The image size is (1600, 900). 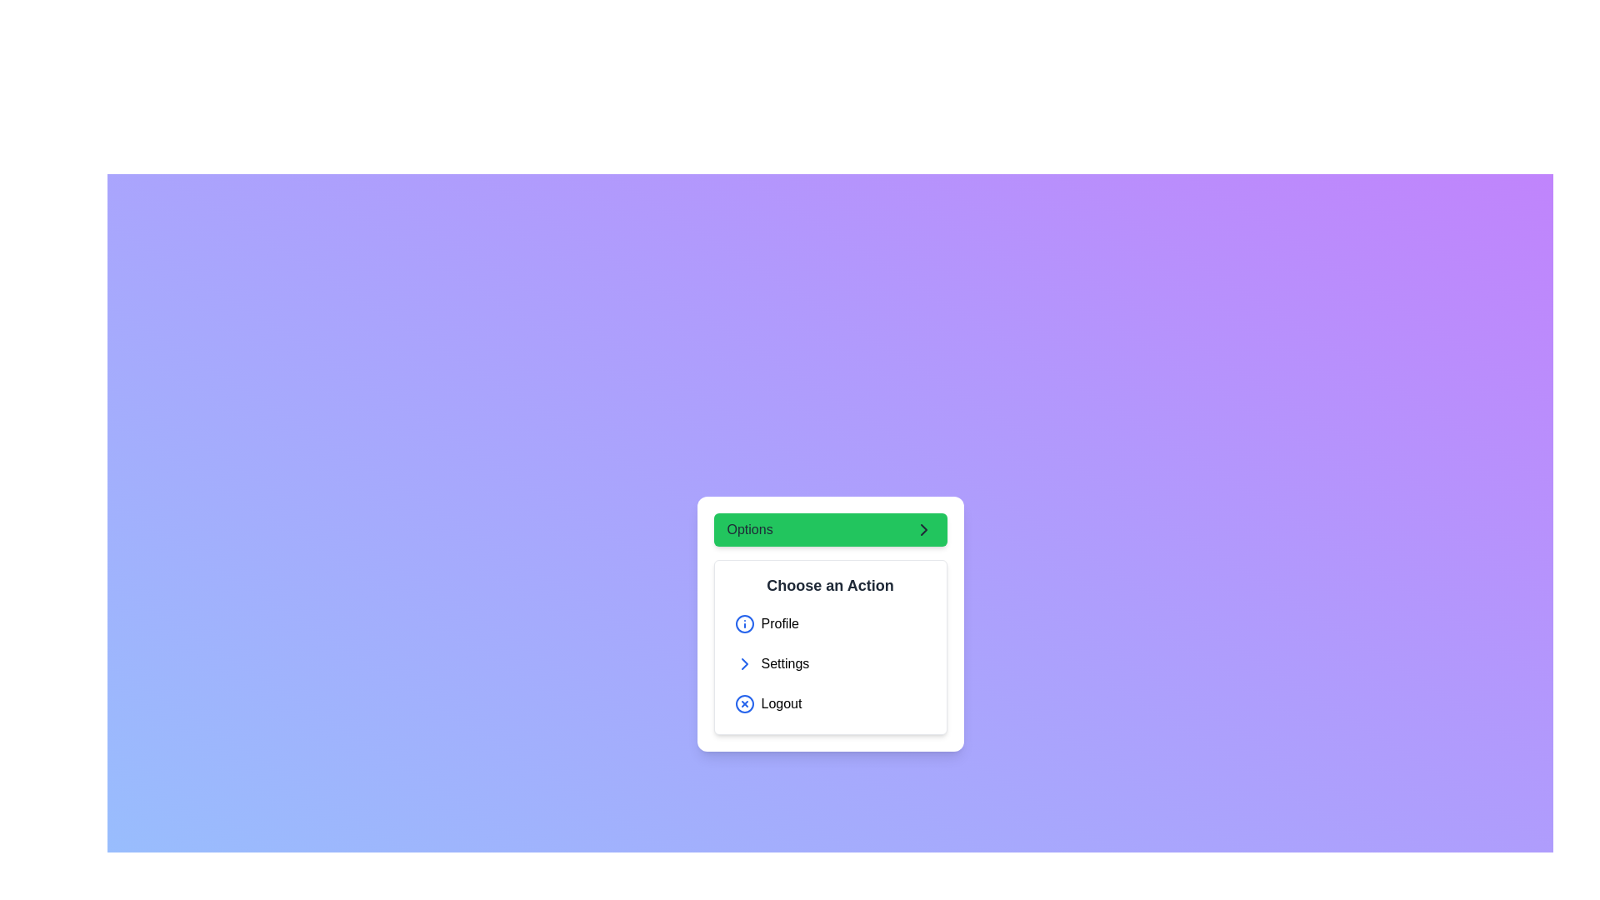 I want to click on the circular icon with a blue border and centered blue dot that precedes the 'Profile' text in the 'Choose an Action' section, so click(x=743, y=623).